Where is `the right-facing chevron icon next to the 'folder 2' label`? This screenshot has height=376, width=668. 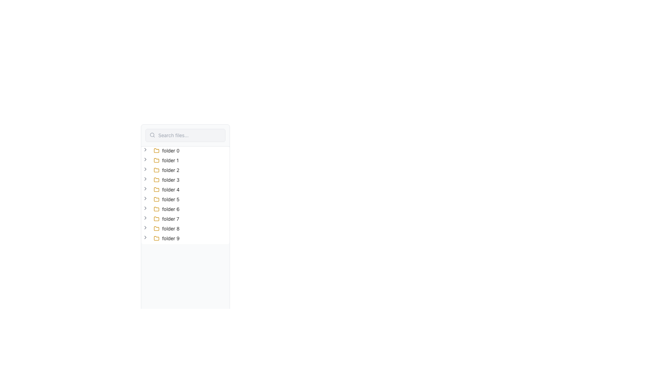 the right-facing chevron icon next to the 'folder 2' label is located at coordinates (145, 169).